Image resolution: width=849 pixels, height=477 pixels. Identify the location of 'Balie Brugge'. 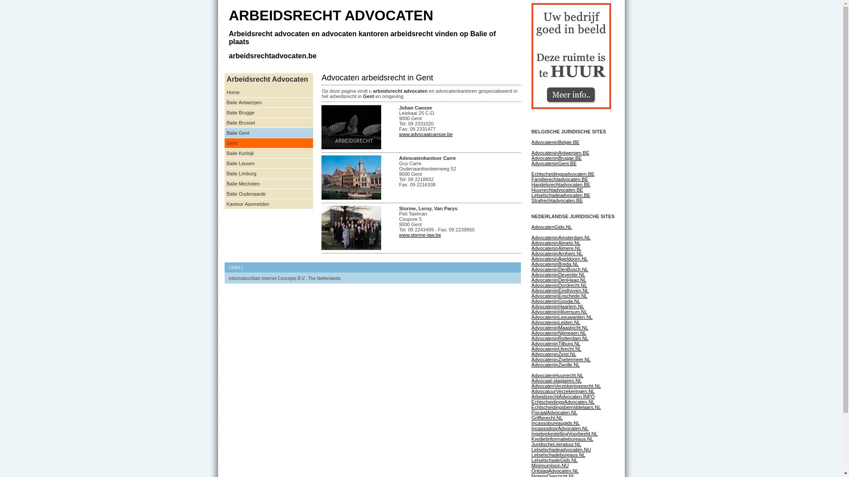
(268, 112).